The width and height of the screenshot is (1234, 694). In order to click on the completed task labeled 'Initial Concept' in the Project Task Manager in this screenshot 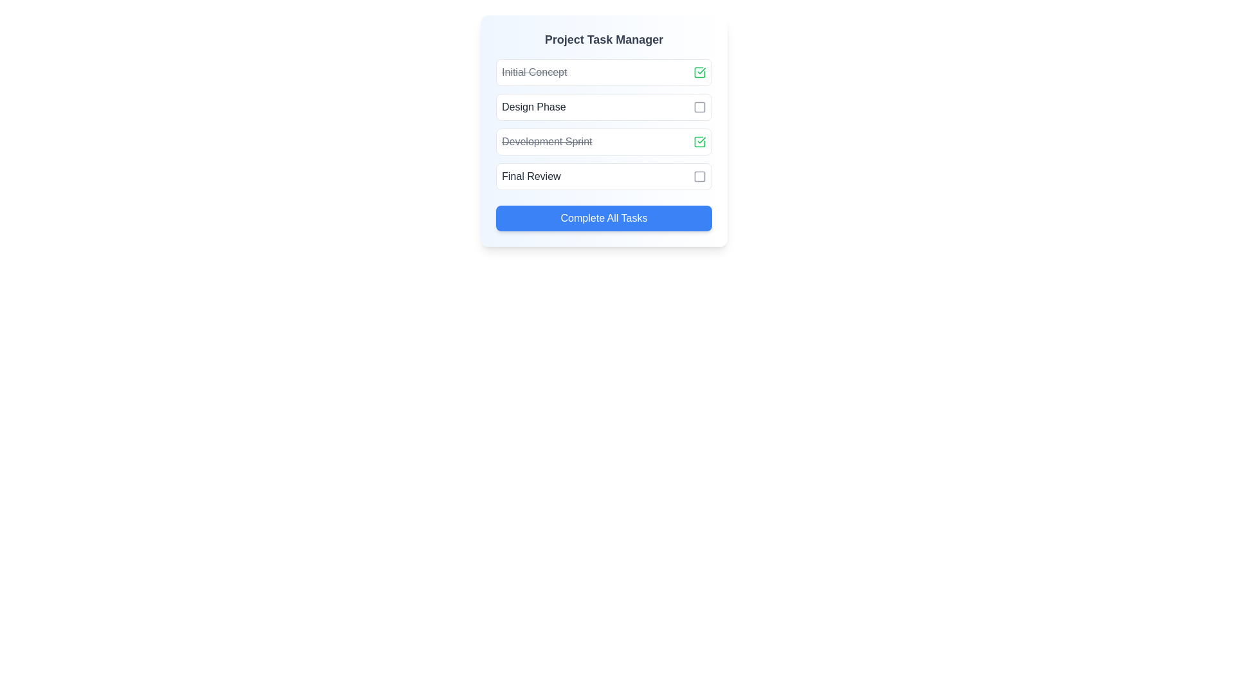, I will do `click(604, 72)`.